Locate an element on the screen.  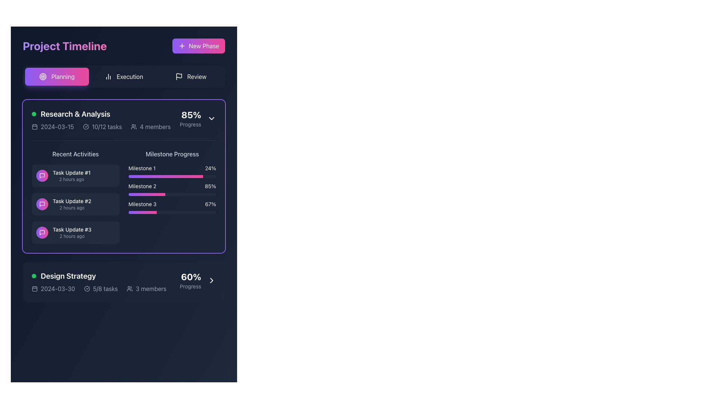
the 'Research & Analysis' text label located at the top-left corner of the 'Recent Activities' section, next to the green circular indicator is located at coordinates (76, 114).